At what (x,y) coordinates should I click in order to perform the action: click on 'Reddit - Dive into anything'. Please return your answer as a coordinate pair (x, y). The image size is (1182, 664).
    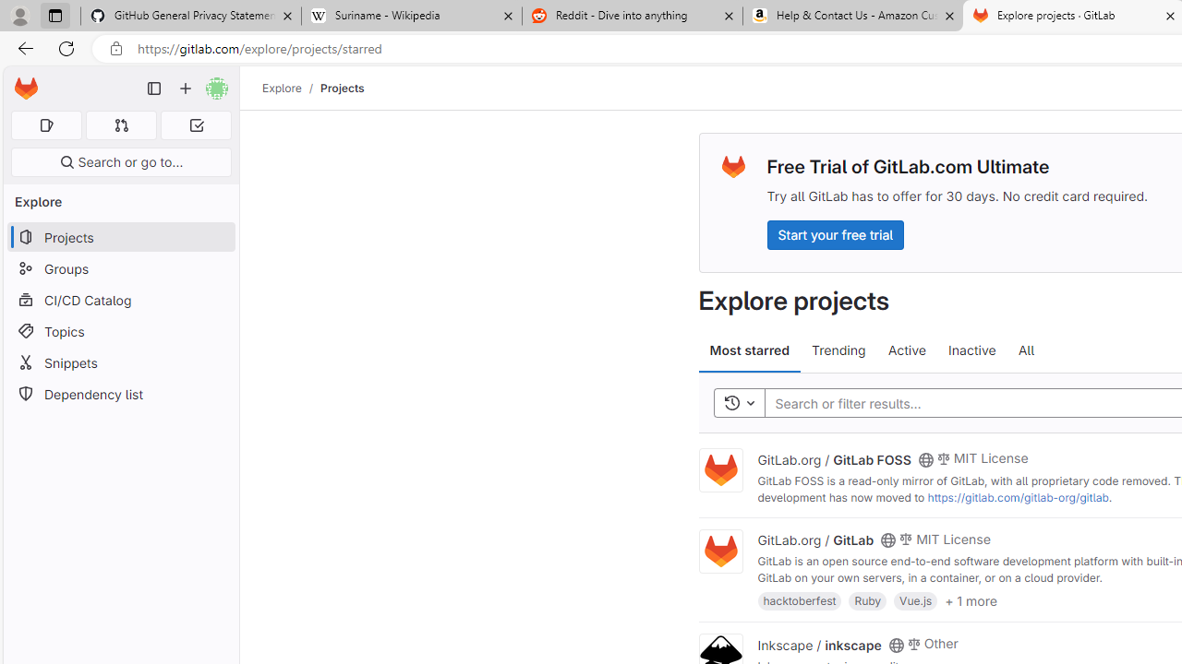
    Looking at the image, I should click on (632, 16).